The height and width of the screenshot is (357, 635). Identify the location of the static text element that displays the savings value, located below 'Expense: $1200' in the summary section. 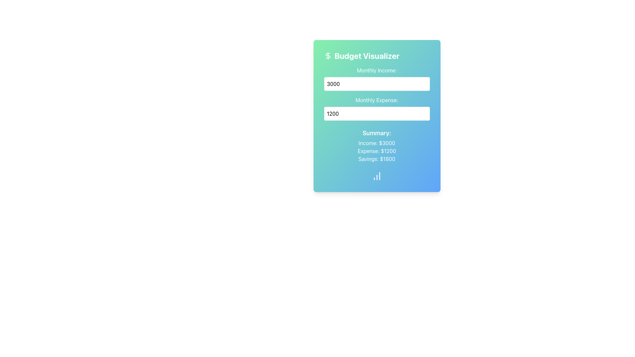
(377, 159).